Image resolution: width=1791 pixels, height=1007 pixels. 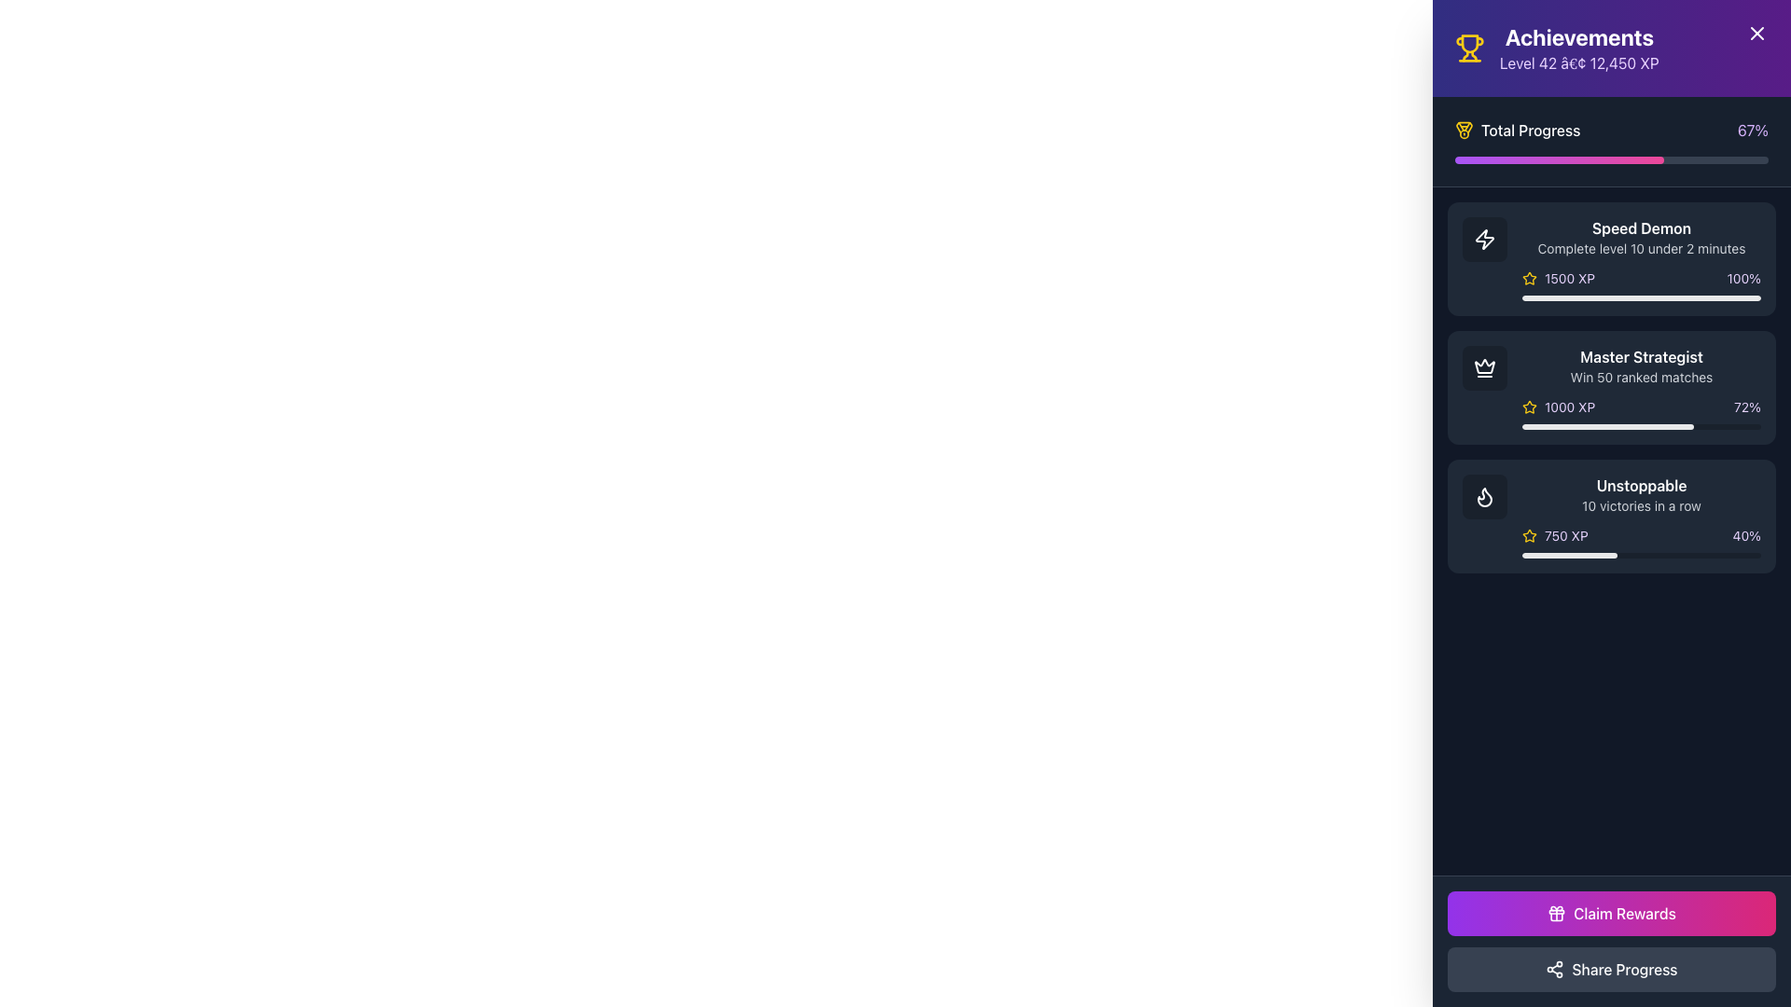 I want to click on the descriptive label for the 'Unstoppable' achievement, which is located below the title 'Unstoppable' in the right panel, so click(x=1642, y=506).